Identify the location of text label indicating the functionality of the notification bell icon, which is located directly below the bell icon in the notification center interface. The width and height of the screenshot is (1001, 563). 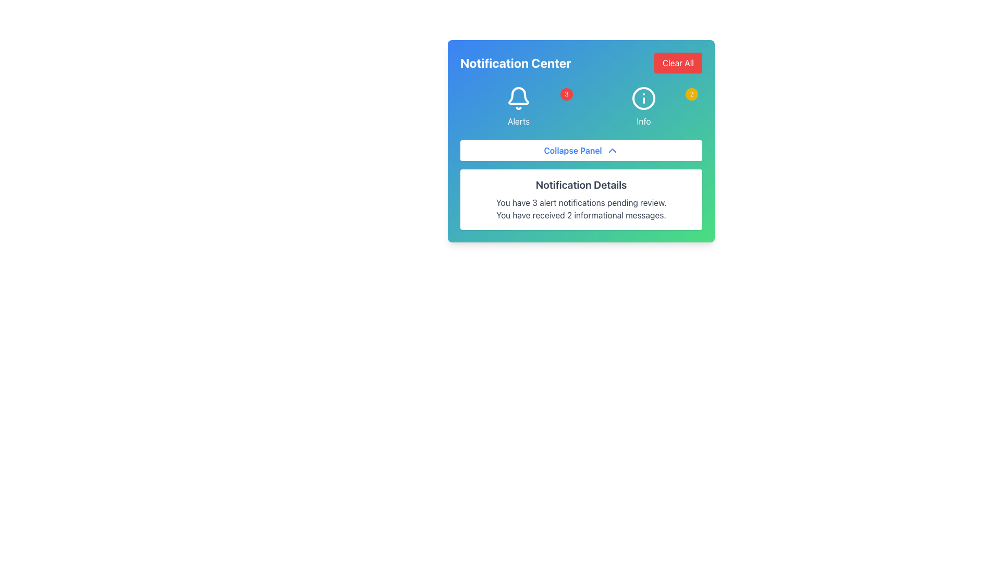
(518, 120).